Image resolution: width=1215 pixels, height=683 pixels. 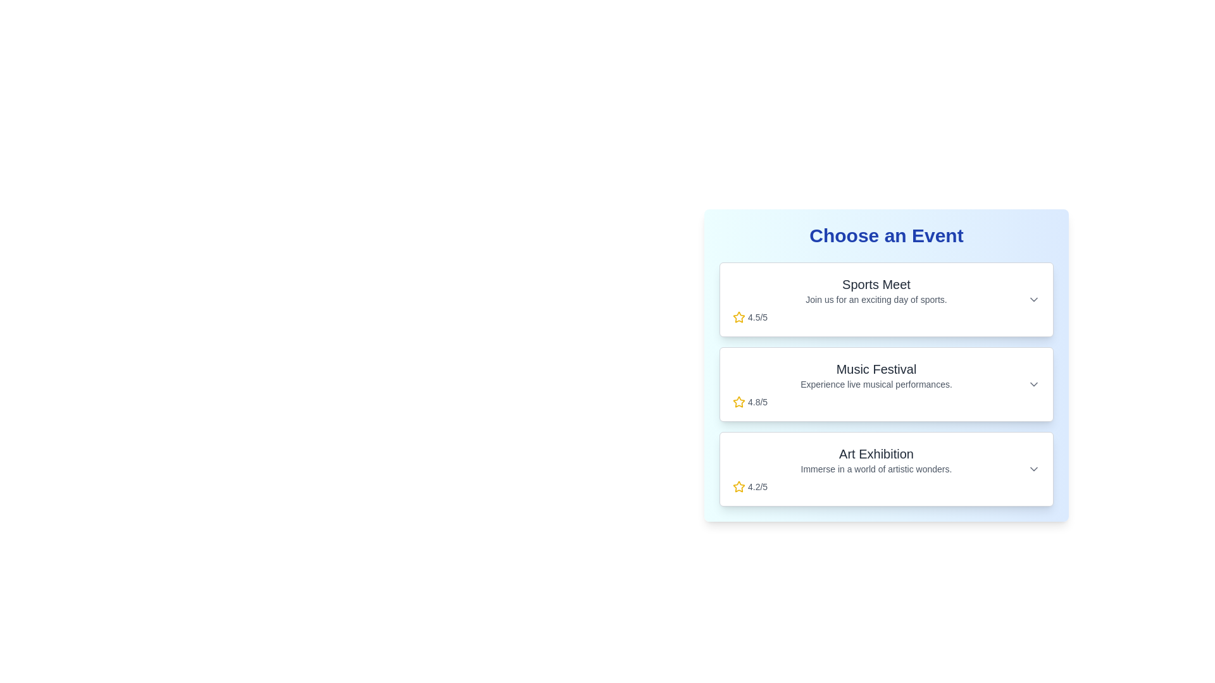 I want to click on the icon indicating the dropdown for the 'Music Festival' event, located at the far right of the event card, so click(x=1033, y=384).